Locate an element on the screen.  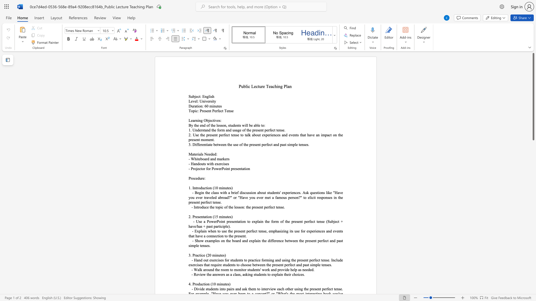
the 1th character "u" in the text is located at coordinates (202, 163).